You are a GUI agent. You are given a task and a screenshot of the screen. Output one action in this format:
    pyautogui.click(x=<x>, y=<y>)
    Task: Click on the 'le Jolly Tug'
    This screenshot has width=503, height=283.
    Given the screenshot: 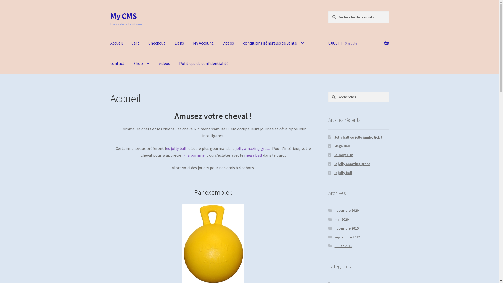 What is the action you would take?
    pyautogui.click(x=343, y=154)
    